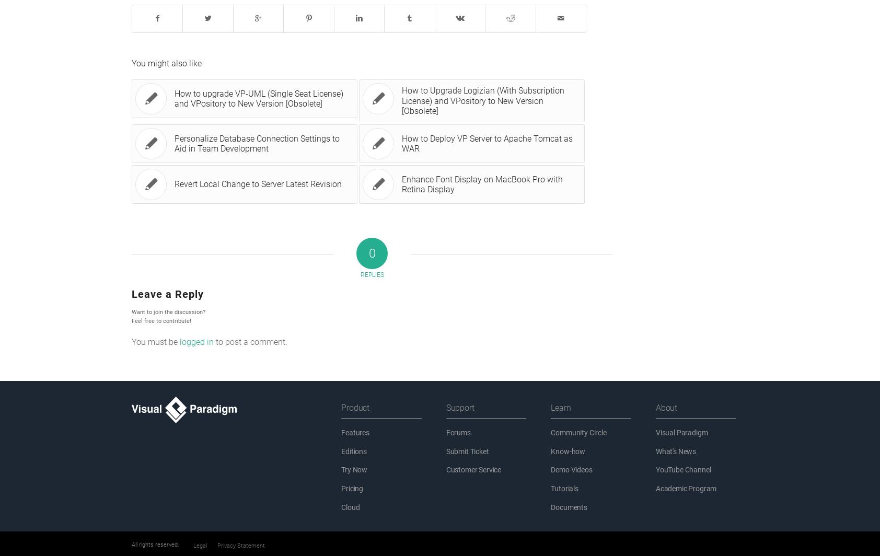 Image resolution: width=880 pixels, height=556 pixels. What do you see at coordinates (680, 432) in the screenshot?
I see `'Visual Paradigm'` at bounding box center [680, 432].